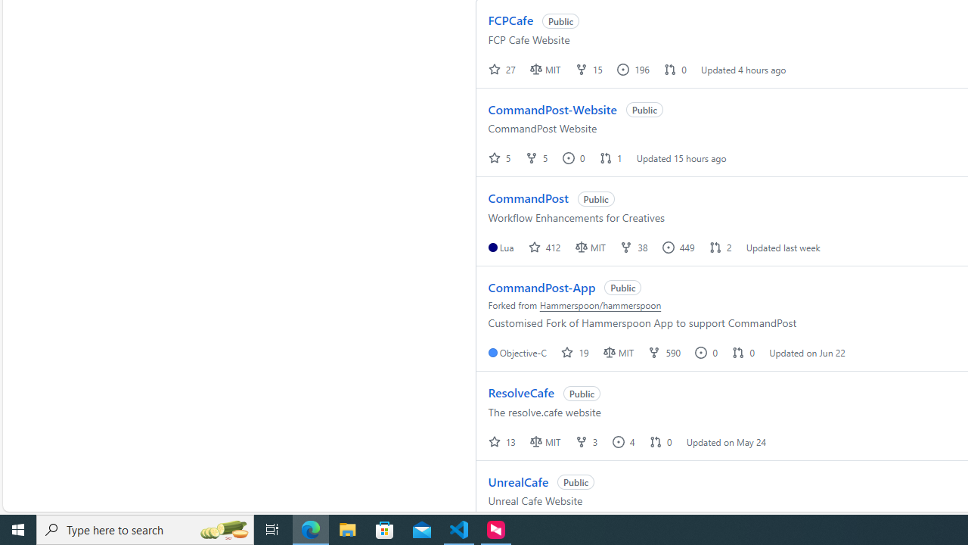 The height and width of the screenshot is (545, 968). I want to click on ' 5 ', so click(500, 157).